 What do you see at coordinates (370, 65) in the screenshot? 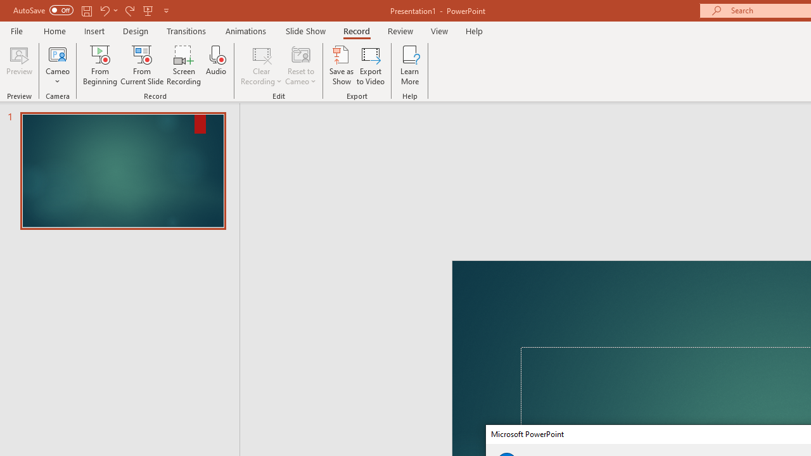
I see `'Export to Video'` at bounding box center [370, 65].